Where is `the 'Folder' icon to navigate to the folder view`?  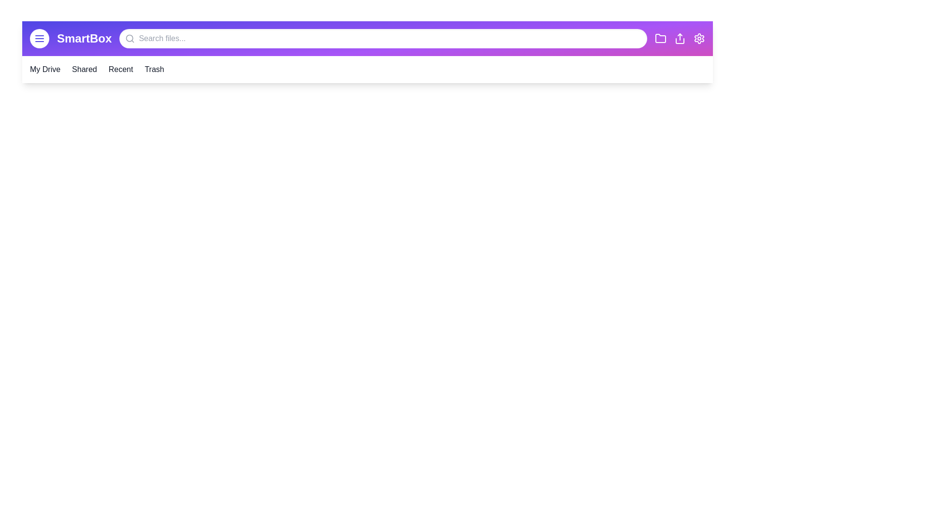 the 'Folder' icon to navigate to the folder view is located at coordinates (660, 38).